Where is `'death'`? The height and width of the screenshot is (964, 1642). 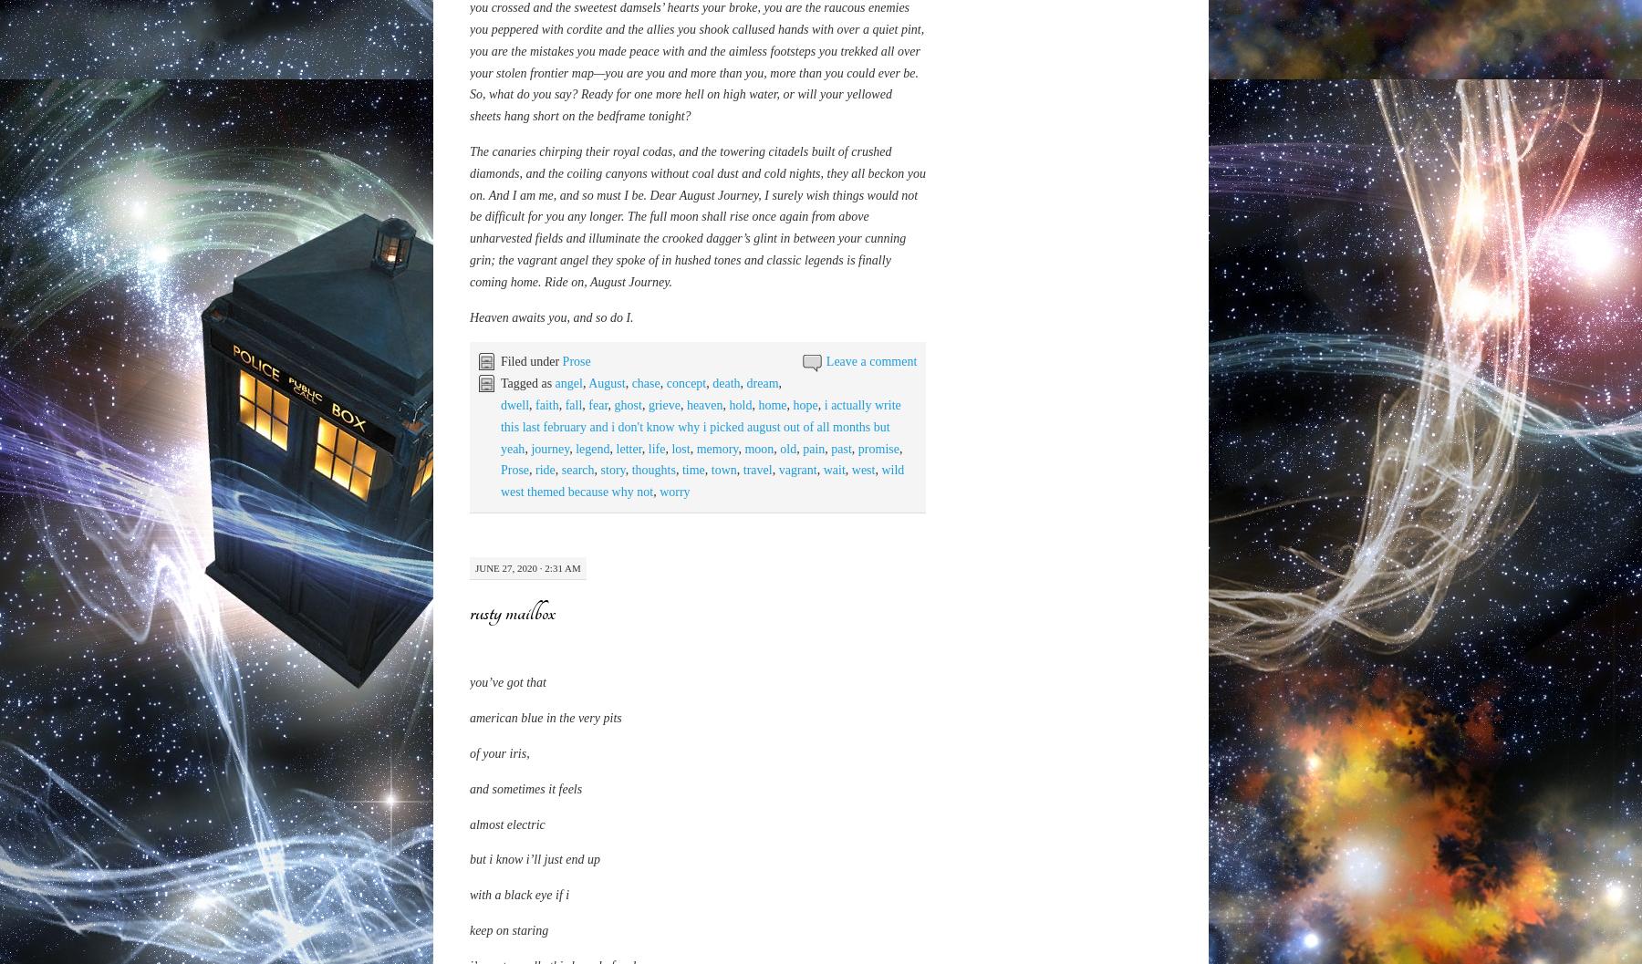 'death' is located at coordinates (725, 791).